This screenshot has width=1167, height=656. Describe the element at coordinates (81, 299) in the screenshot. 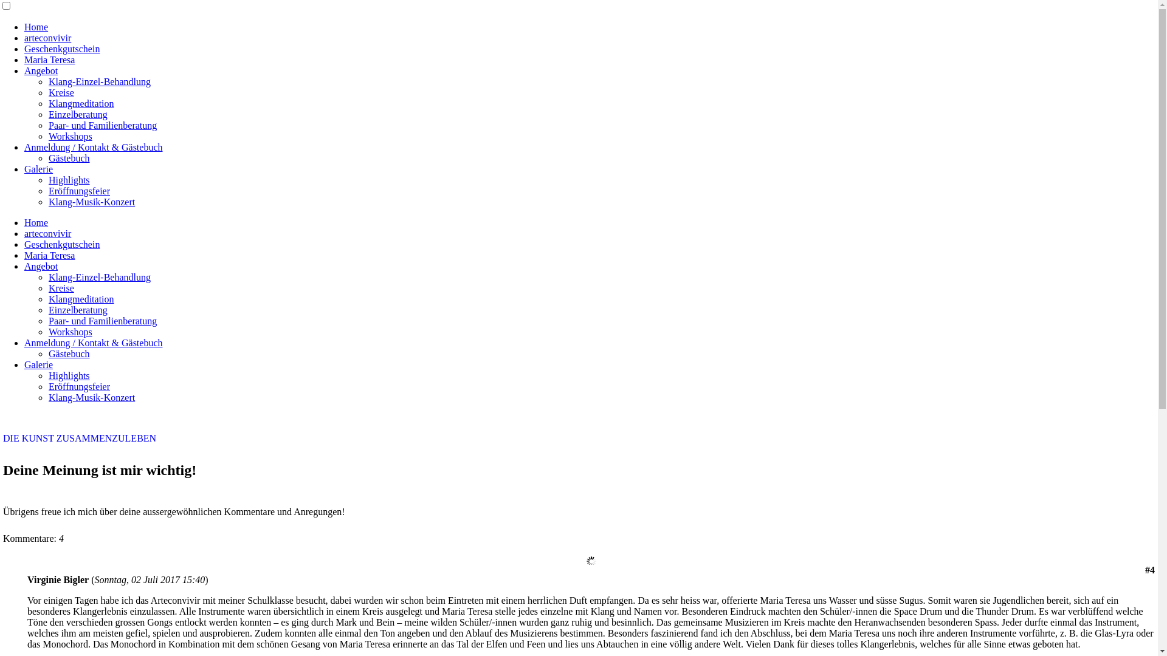

I see `'Klangmeditation'` at that location.